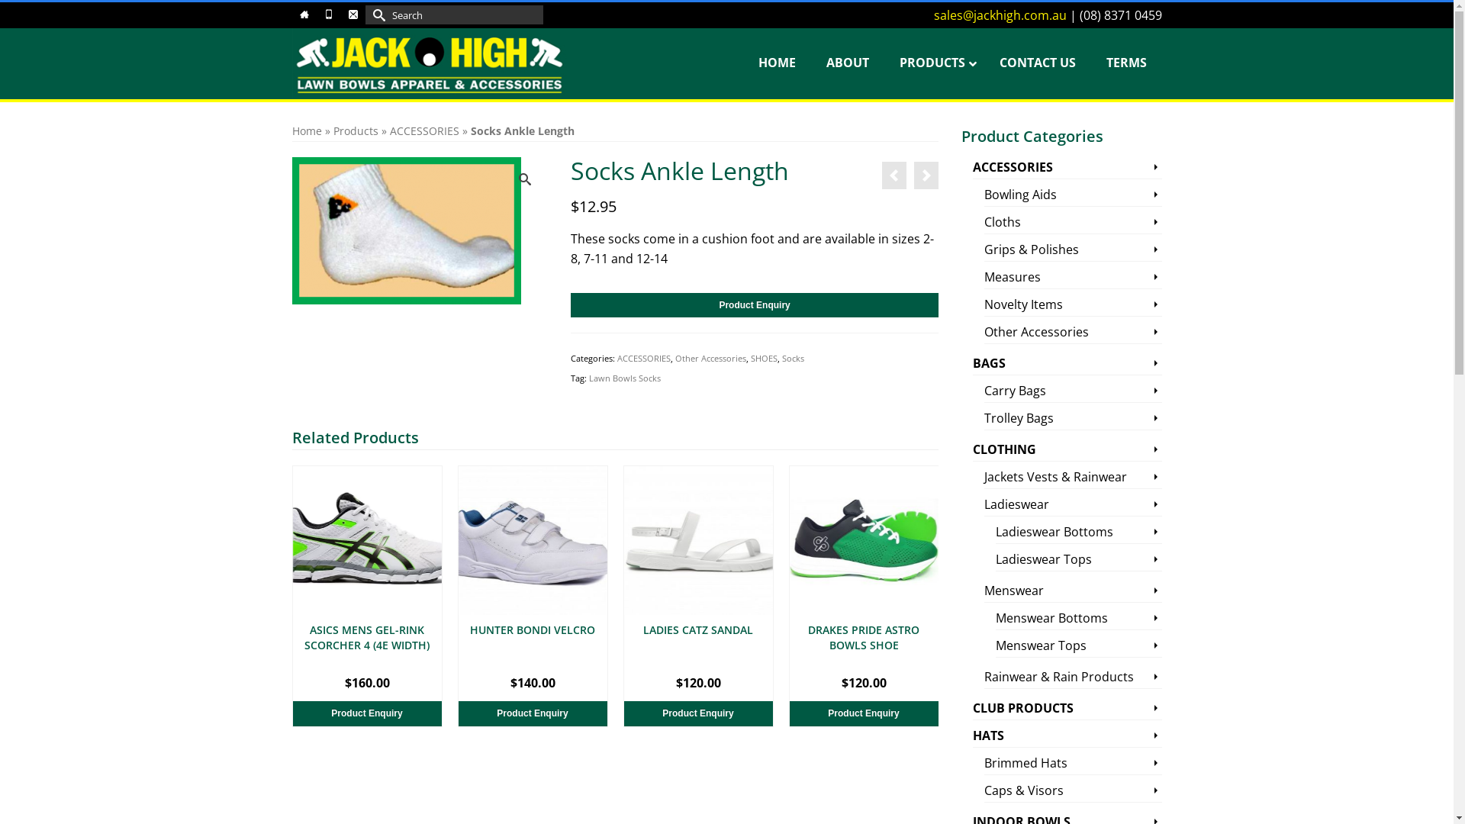  What do you see at coordinates (743, 62) in the screenshot?
I see `'HOME'` at bounding box center [743, 62].